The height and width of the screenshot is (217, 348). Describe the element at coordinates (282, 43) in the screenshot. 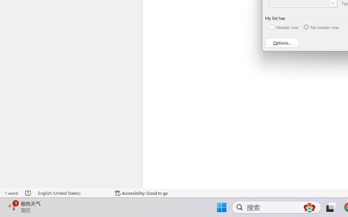

I see `'Options...'` at that location.